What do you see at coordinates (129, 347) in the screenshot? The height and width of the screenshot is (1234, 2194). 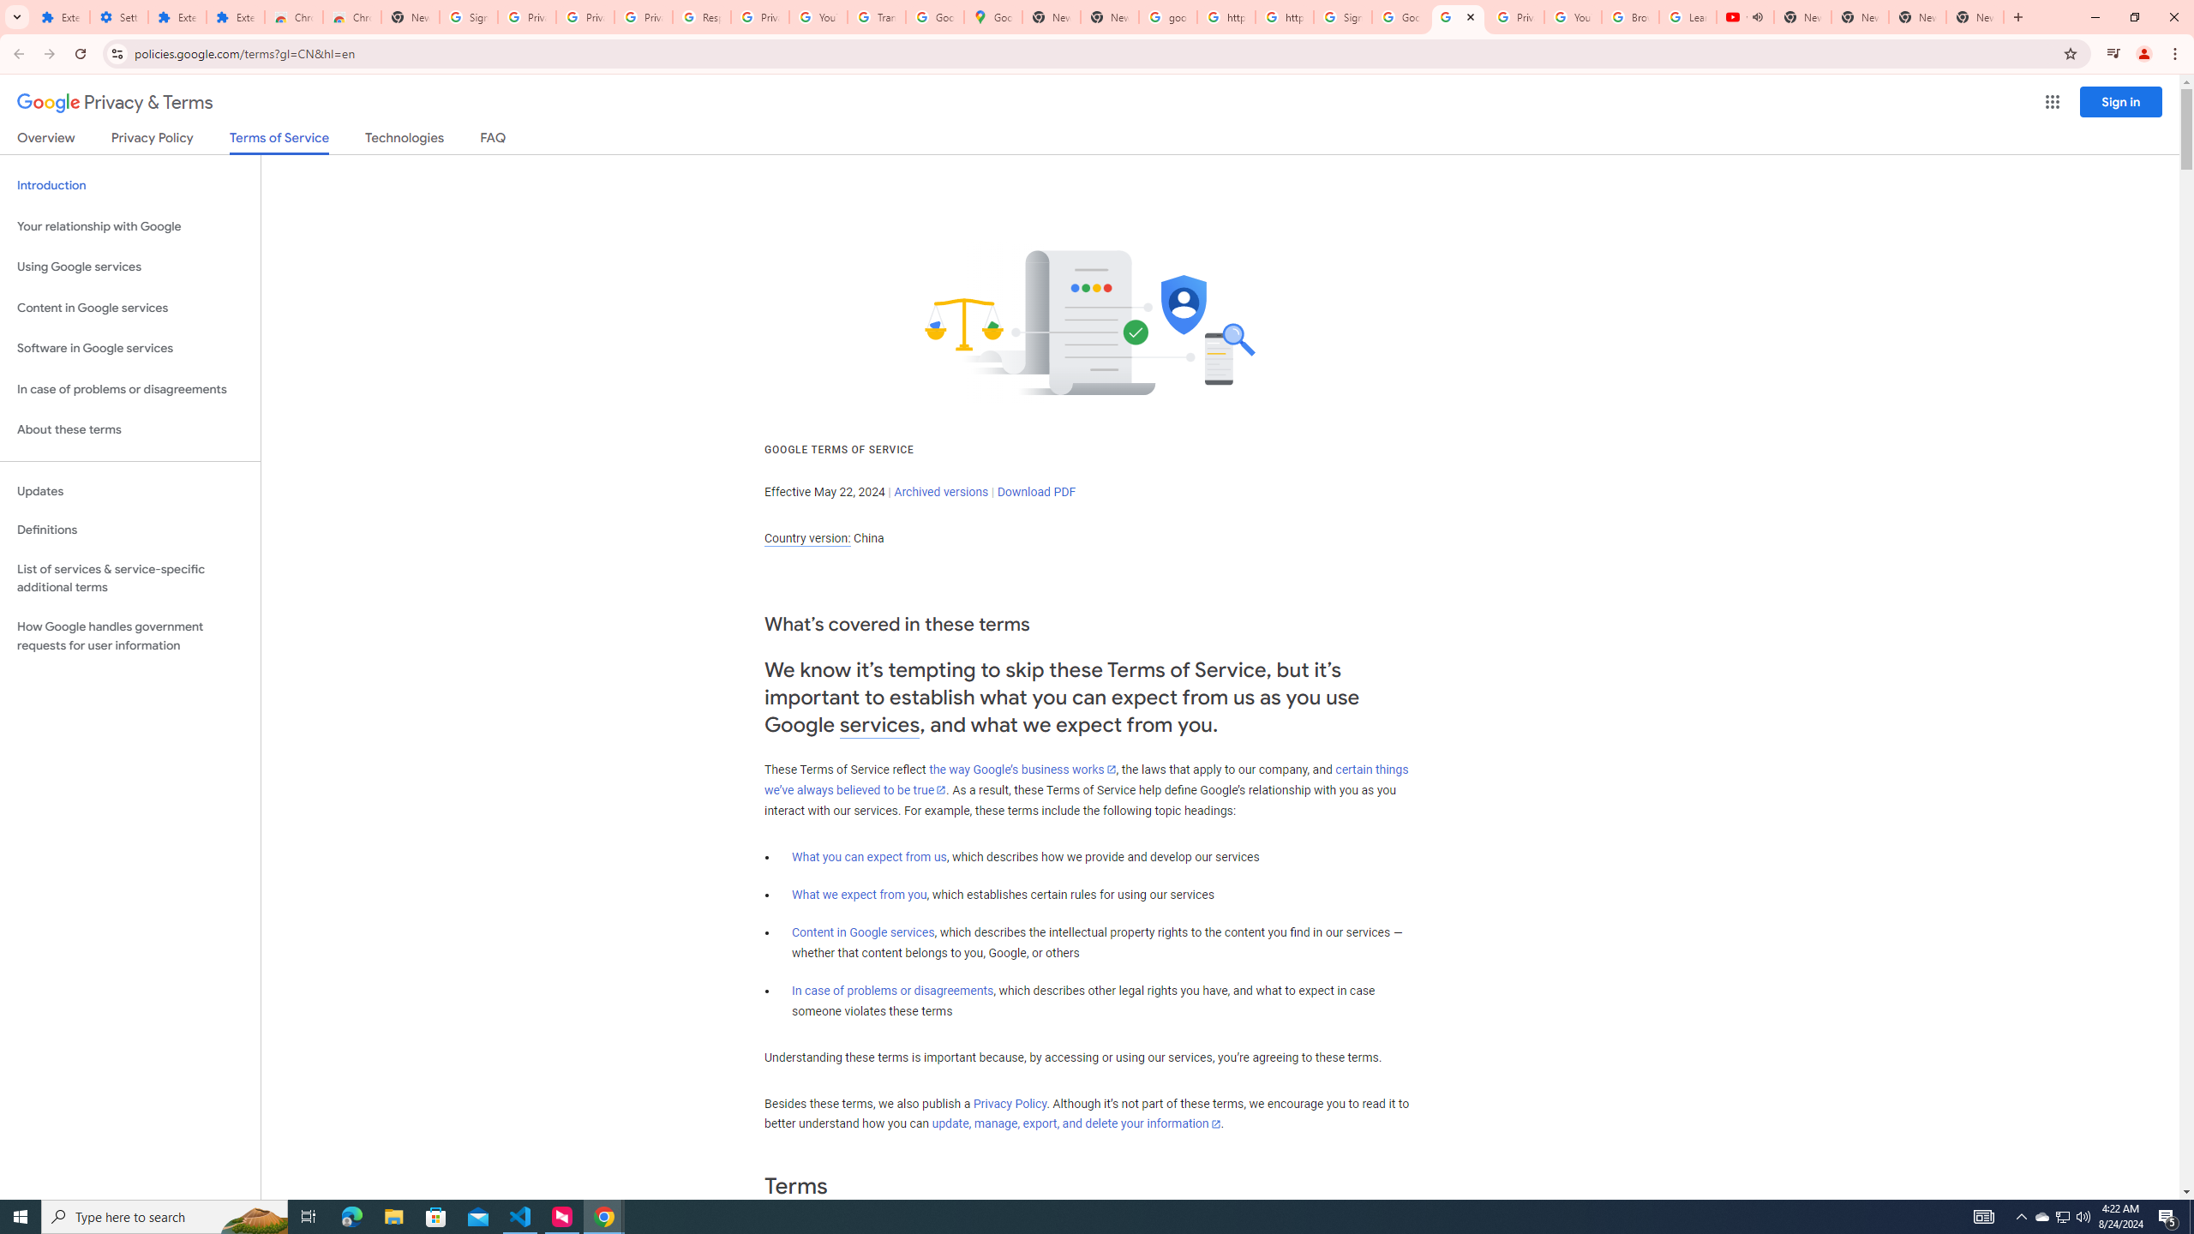 I see `'Software in Google services'` at bounding box center [129, 347].